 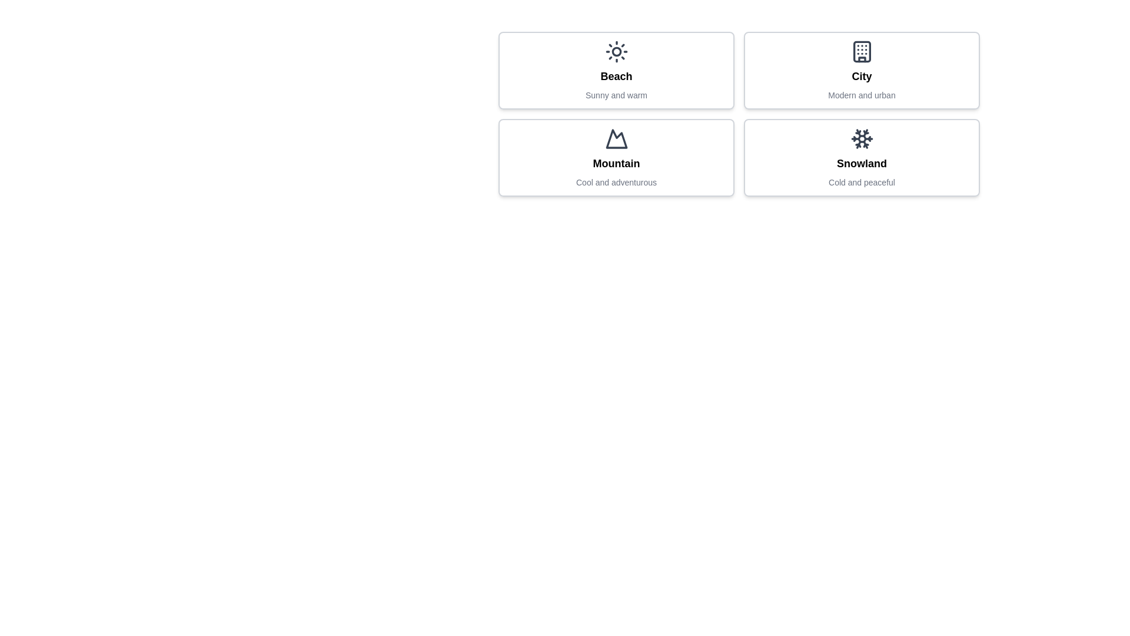 What do you see at coordinates (862, 157) in the screenshot?
I see `the selectable card with a snowflake icon, titled 'Snowland', located in the second row, second column of the grid layout` at bounding box center [862, 157].